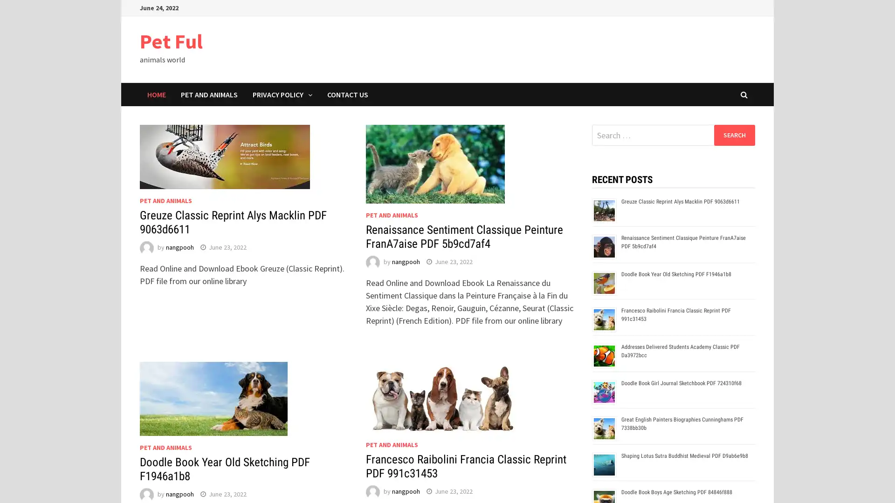  I want to click on Search, so click(734, 135).